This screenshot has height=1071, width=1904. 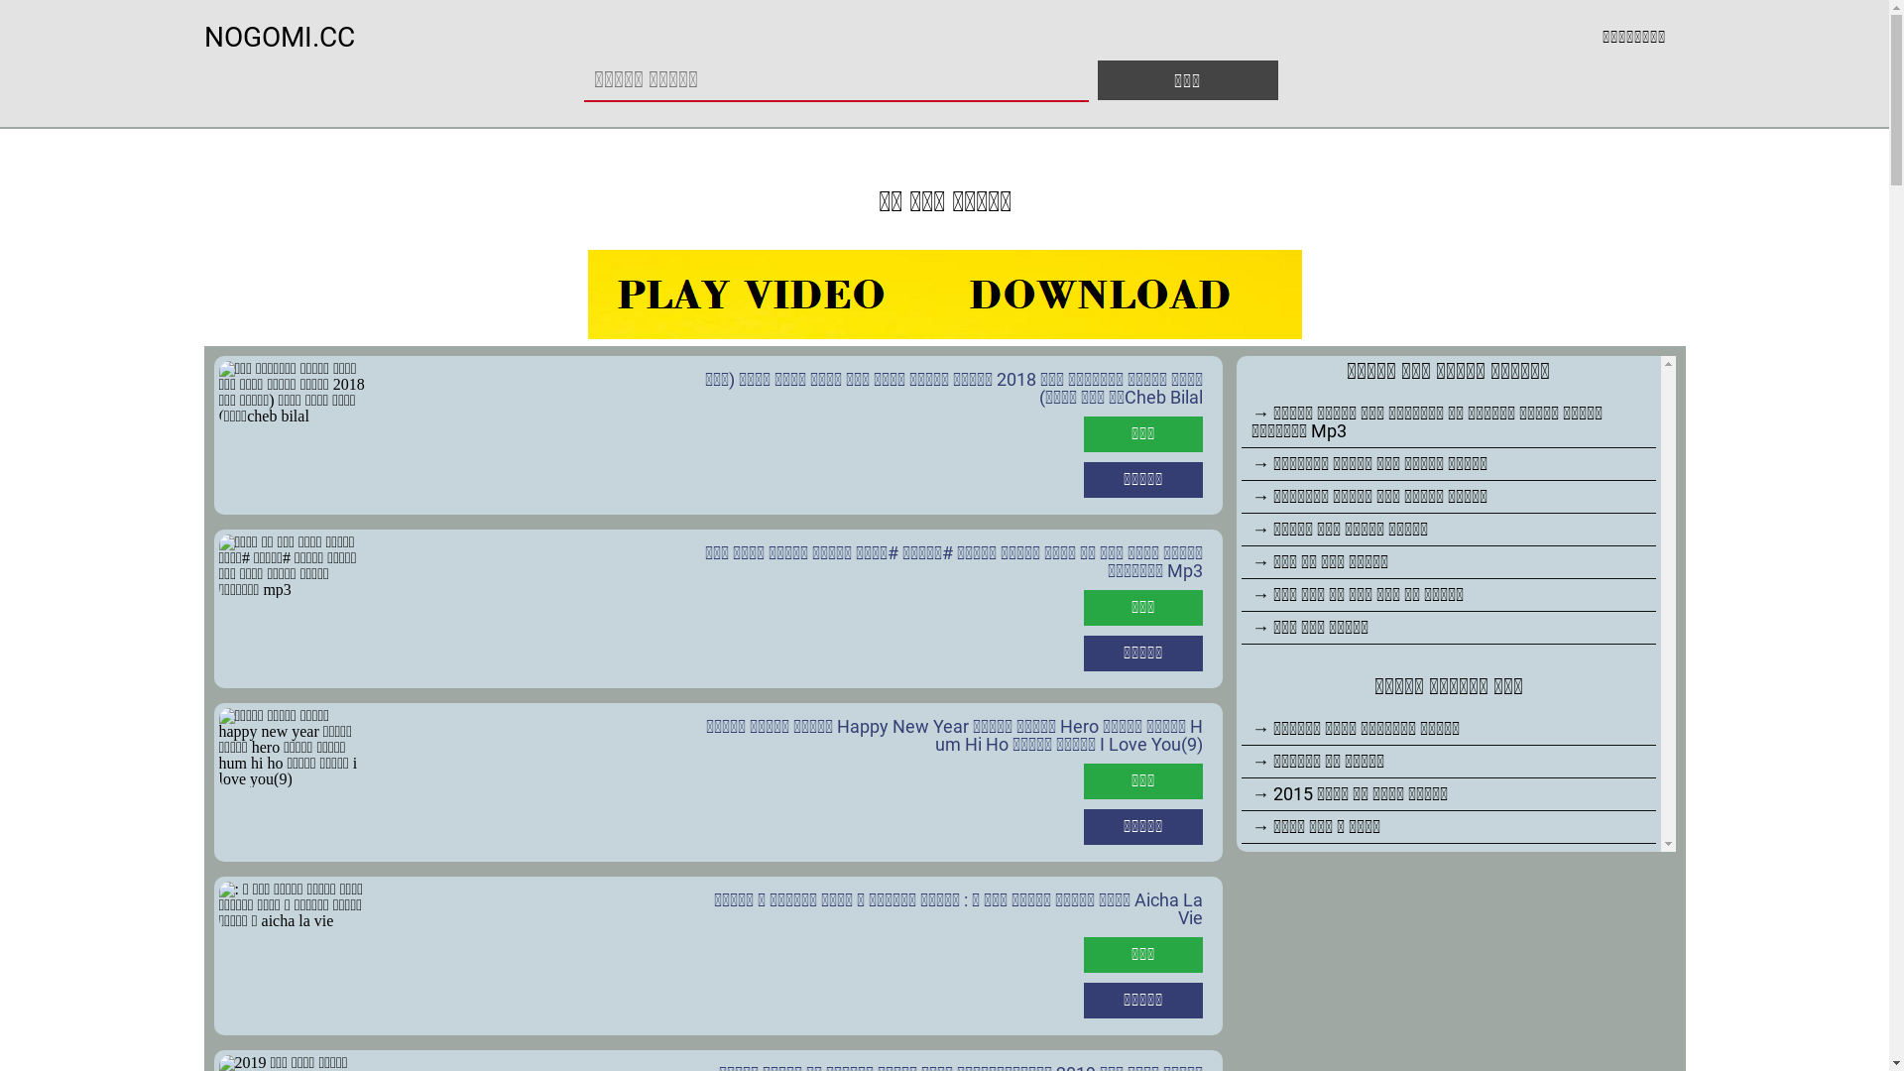 What do you see at coordinates (279, 37) in the screenshot?
I see `'NOGOMI.CC'` at bounding box center [279, 37].